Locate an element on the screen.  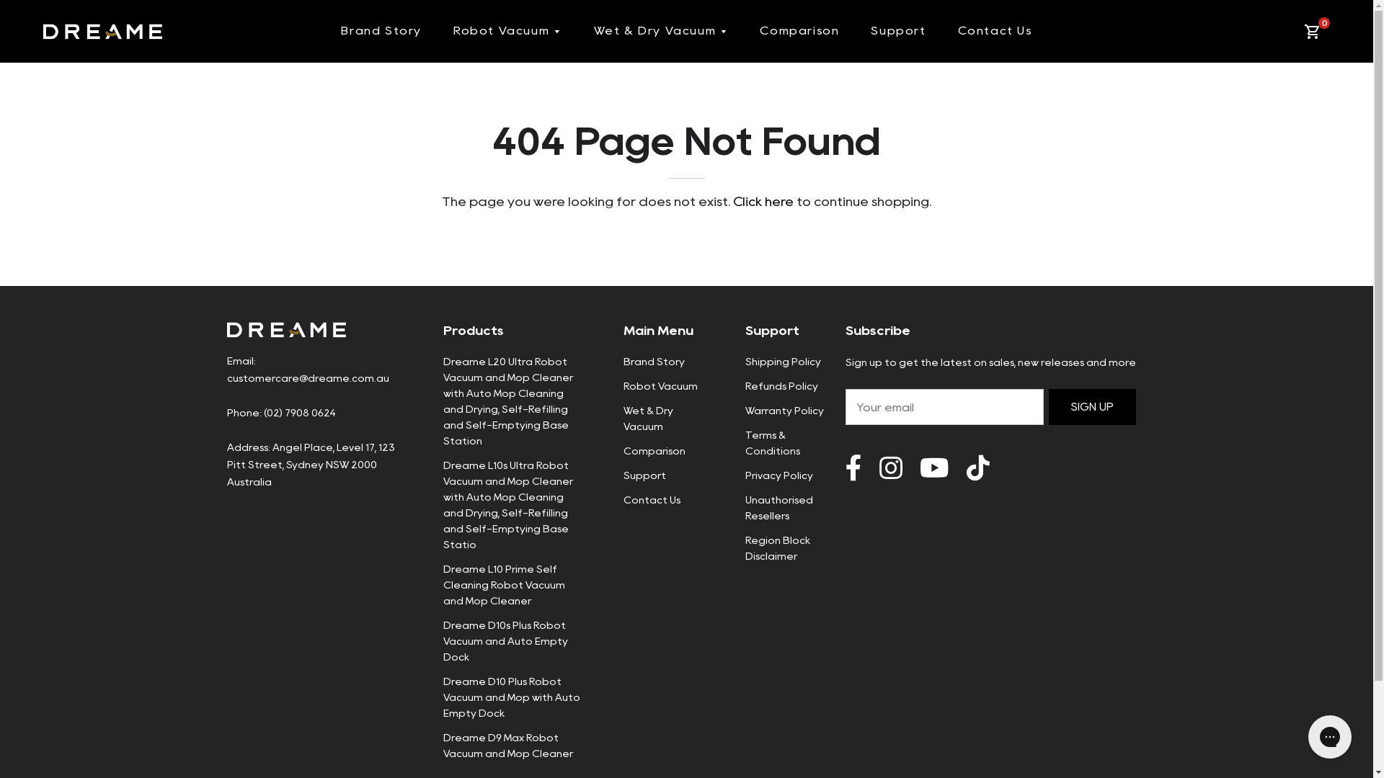
'Dreame Technology Australia on Facebook' is located at coordinates (853, 468).